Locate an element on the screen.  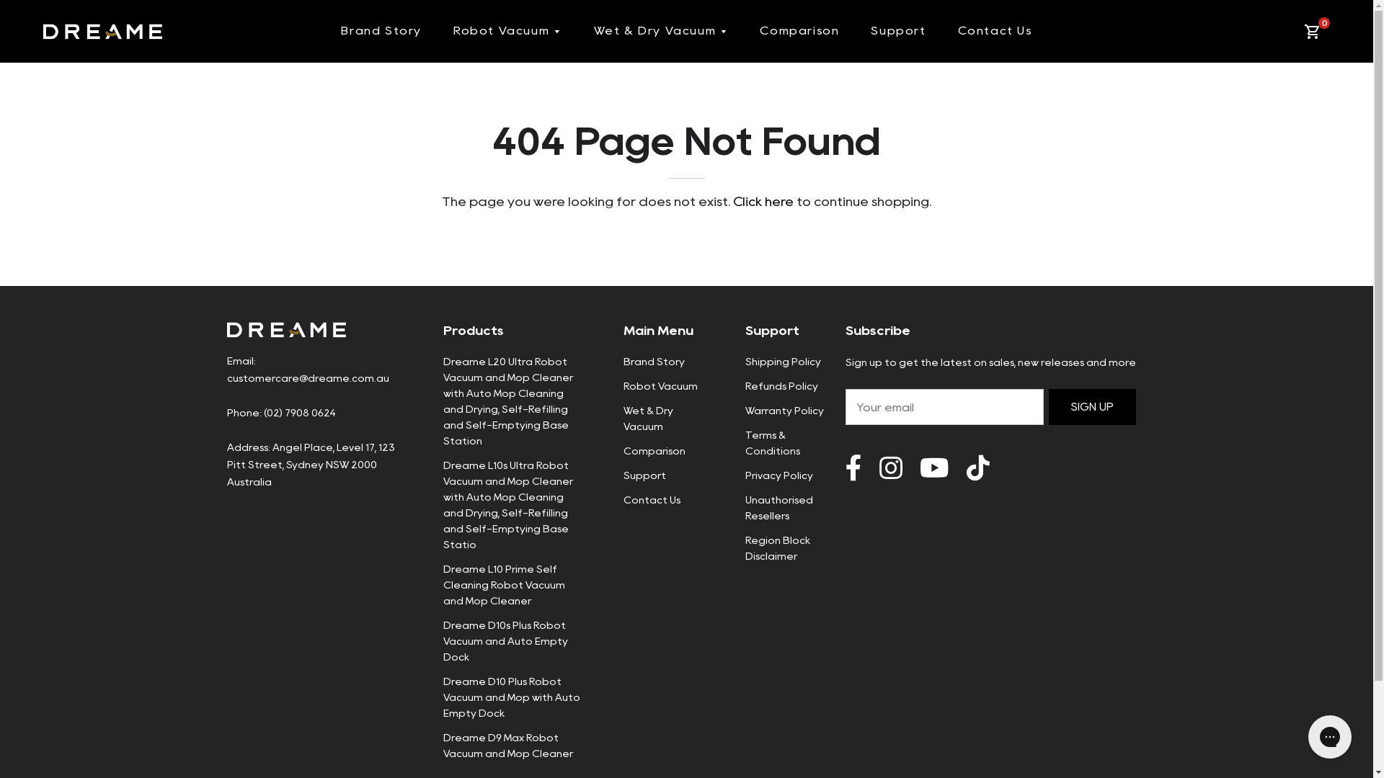
'Dreame Technology Australia on Facebook' is located at coordinates (853, 468).